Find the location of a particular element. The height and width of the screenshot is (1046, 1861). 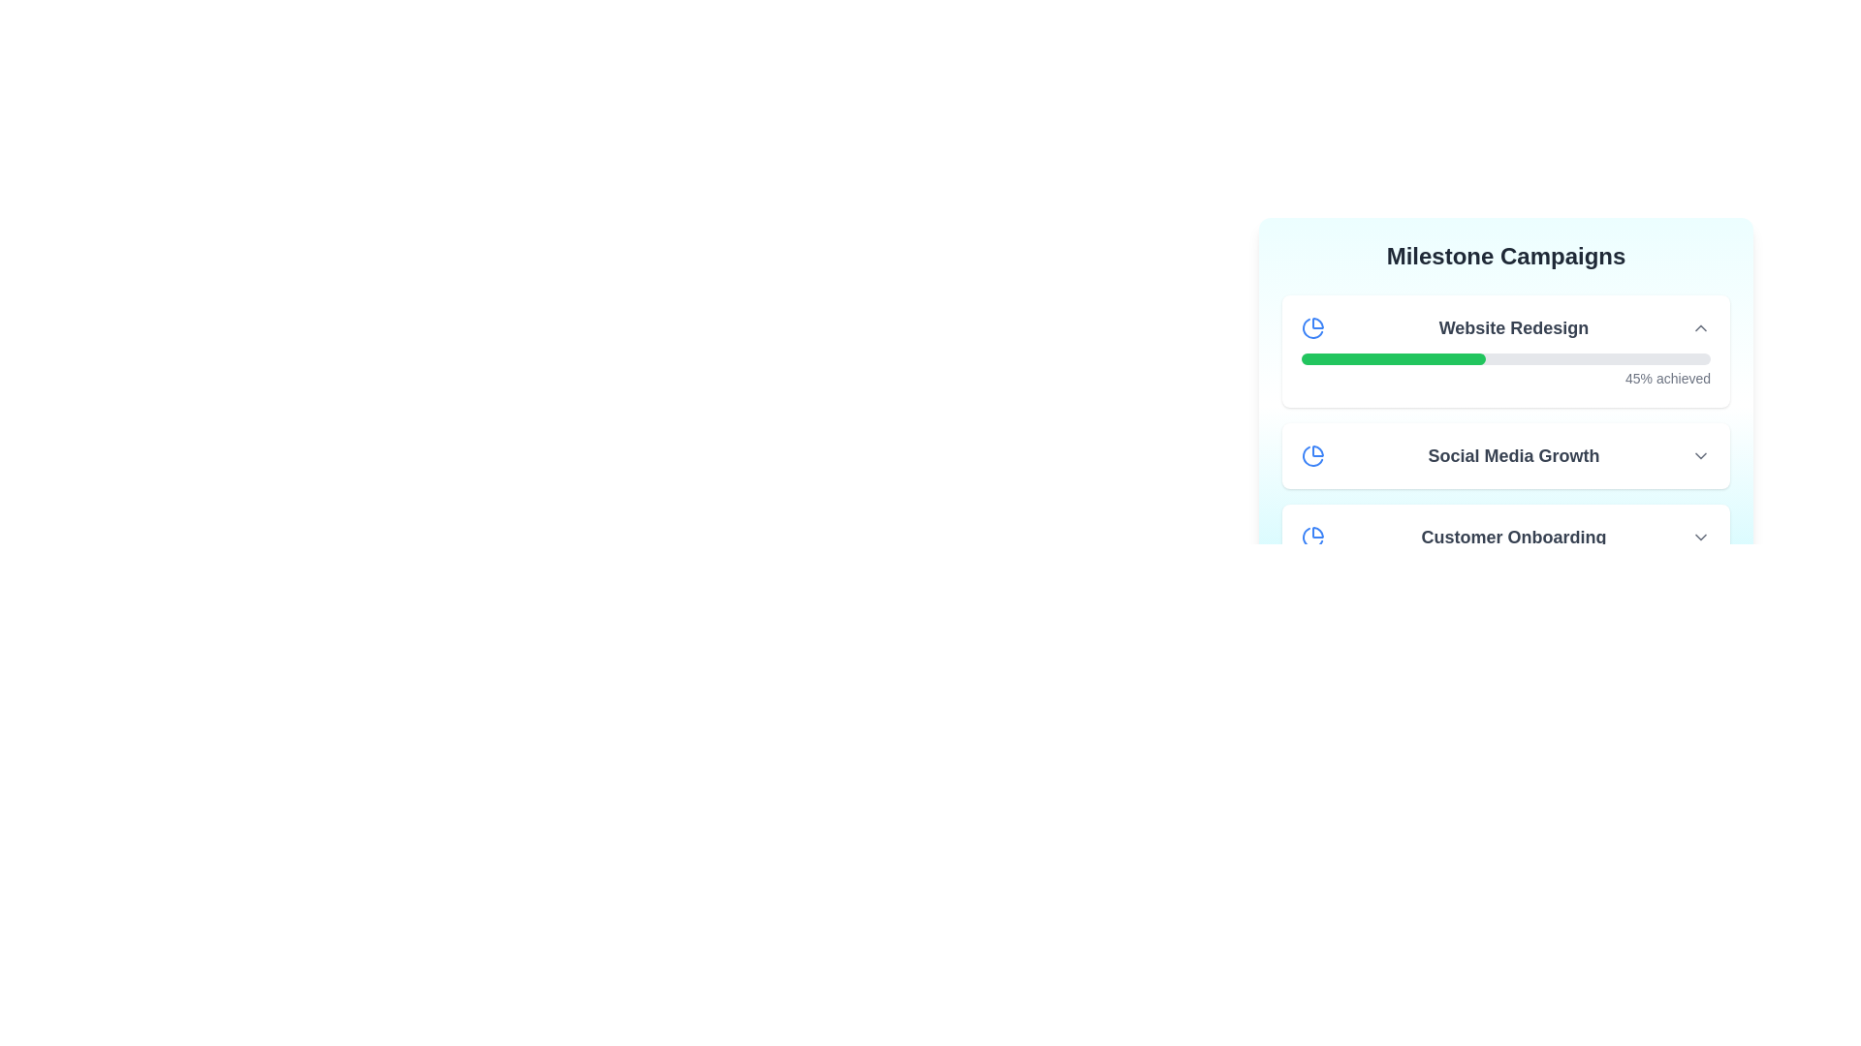

completion percentage text displayed next to the progress bar labeled '45% achieved' within the 'Website Redesign' card under the 'Milestone Campaigns' section is located at coordinates (1505, 370).